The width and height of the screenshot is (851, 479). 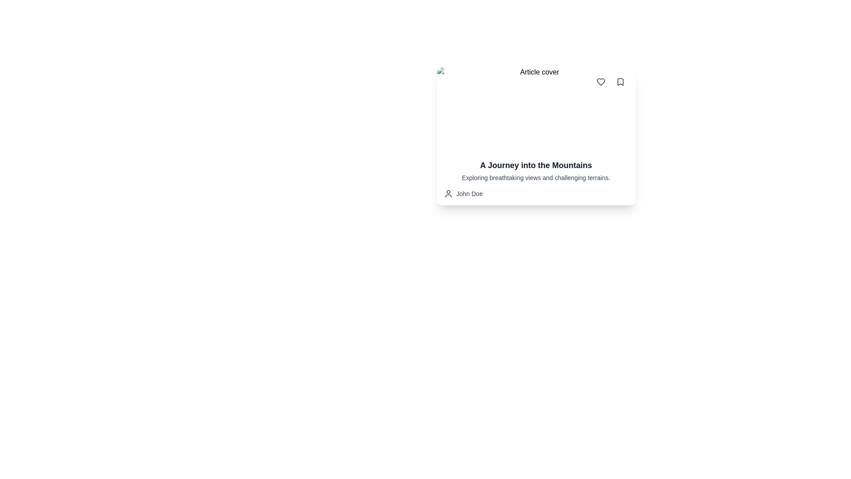 What do you see at coordinates (535, 178) in the screenshot?
I see `text element that displays 'Exploring breathtaking views and challenging terrains.' It is located beneath the title 'A Journey into the Mountains' and above user information 'John Doe.'` at bounding box center [535, 178].